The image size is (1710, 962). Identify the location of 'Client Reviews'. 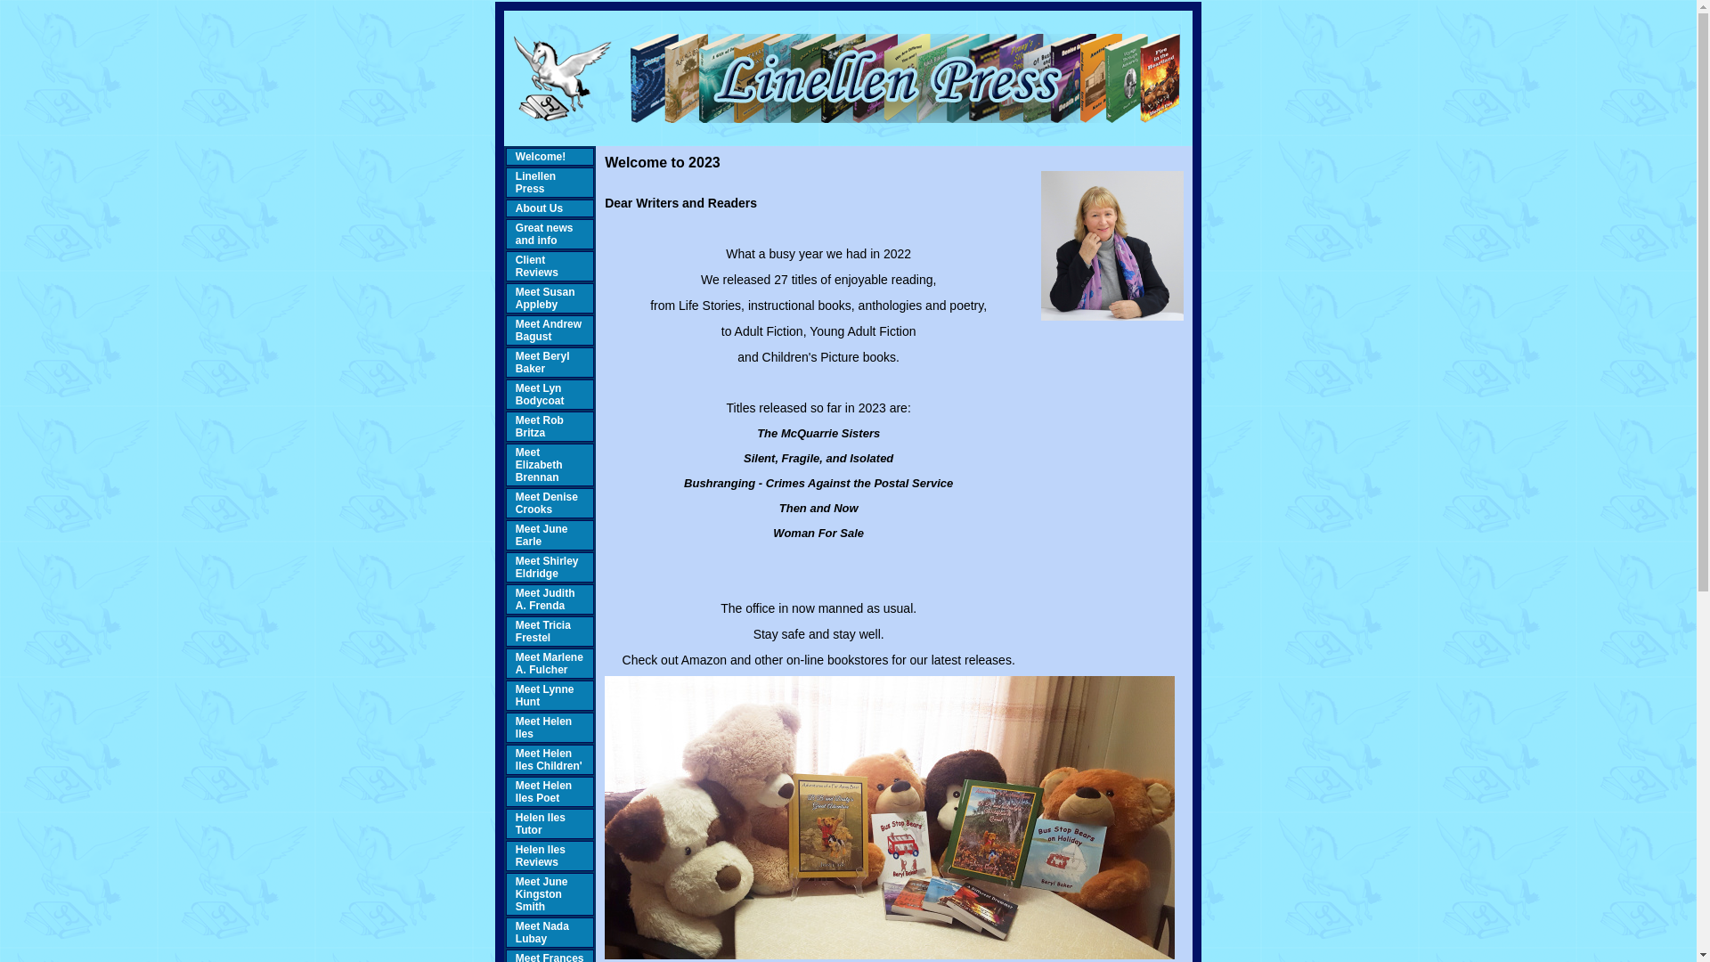
(536, 266).